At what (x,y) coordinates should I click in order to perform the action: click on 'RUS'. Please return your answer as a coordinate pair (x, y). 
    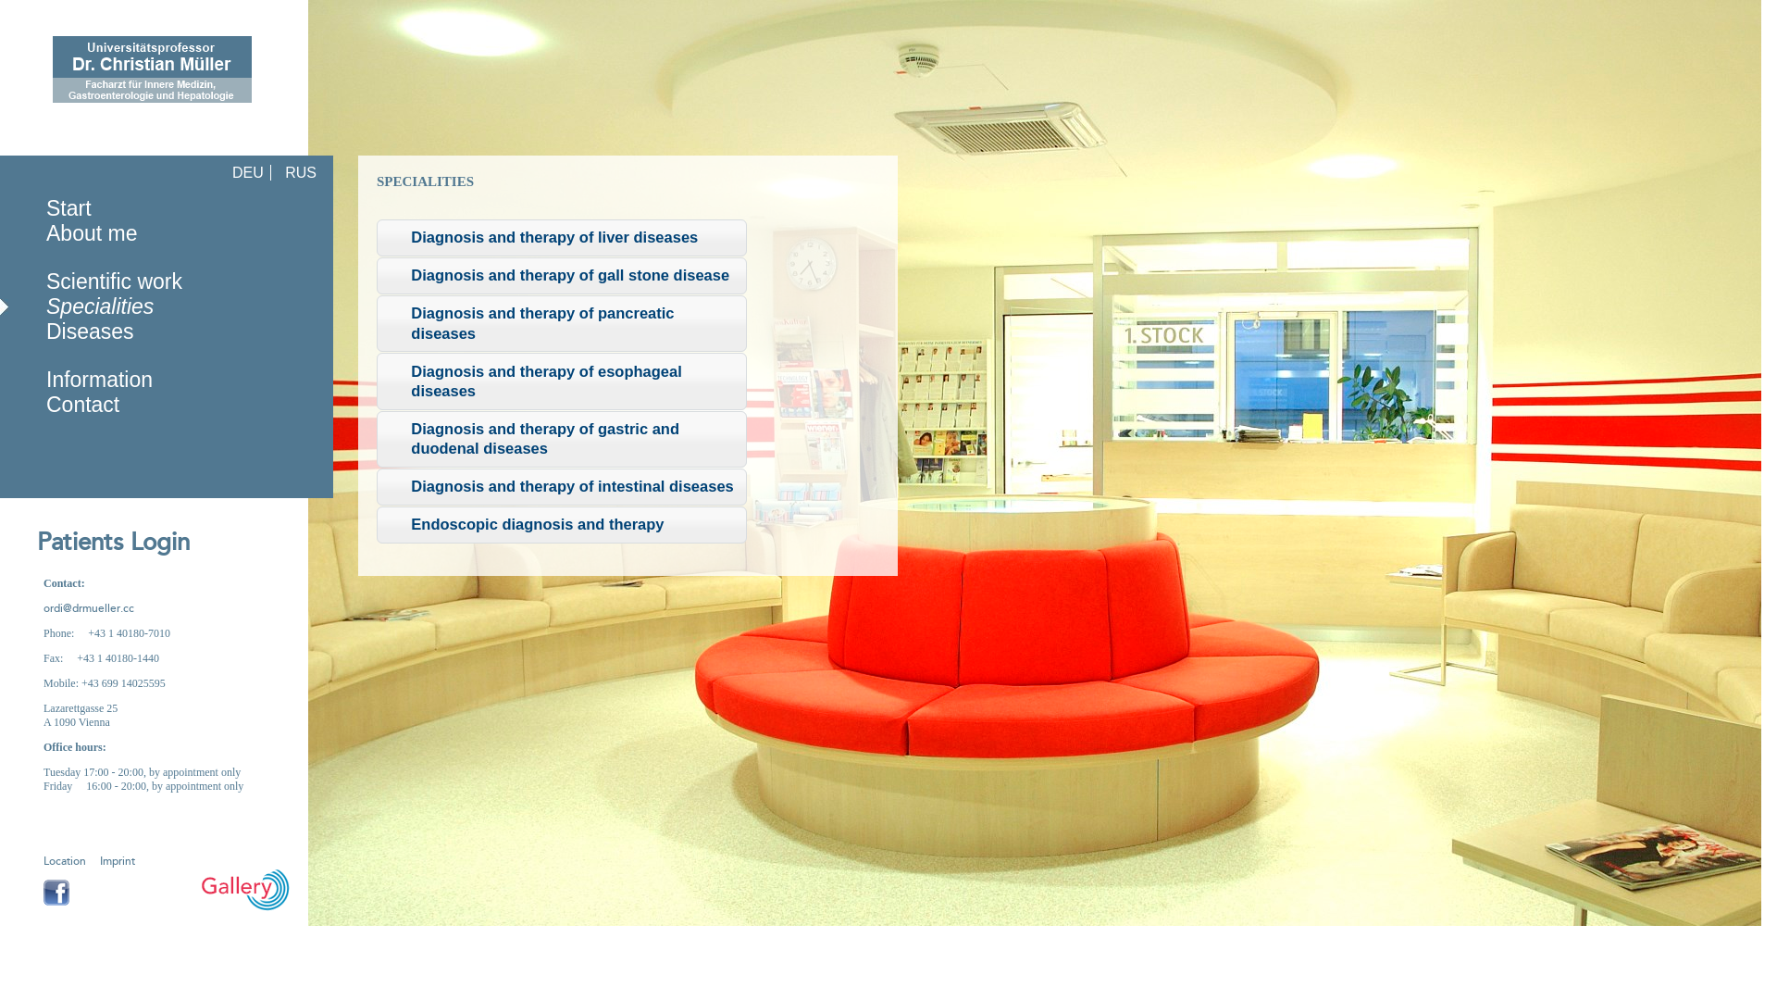
    Looking at the image, I should click on (279, 172).